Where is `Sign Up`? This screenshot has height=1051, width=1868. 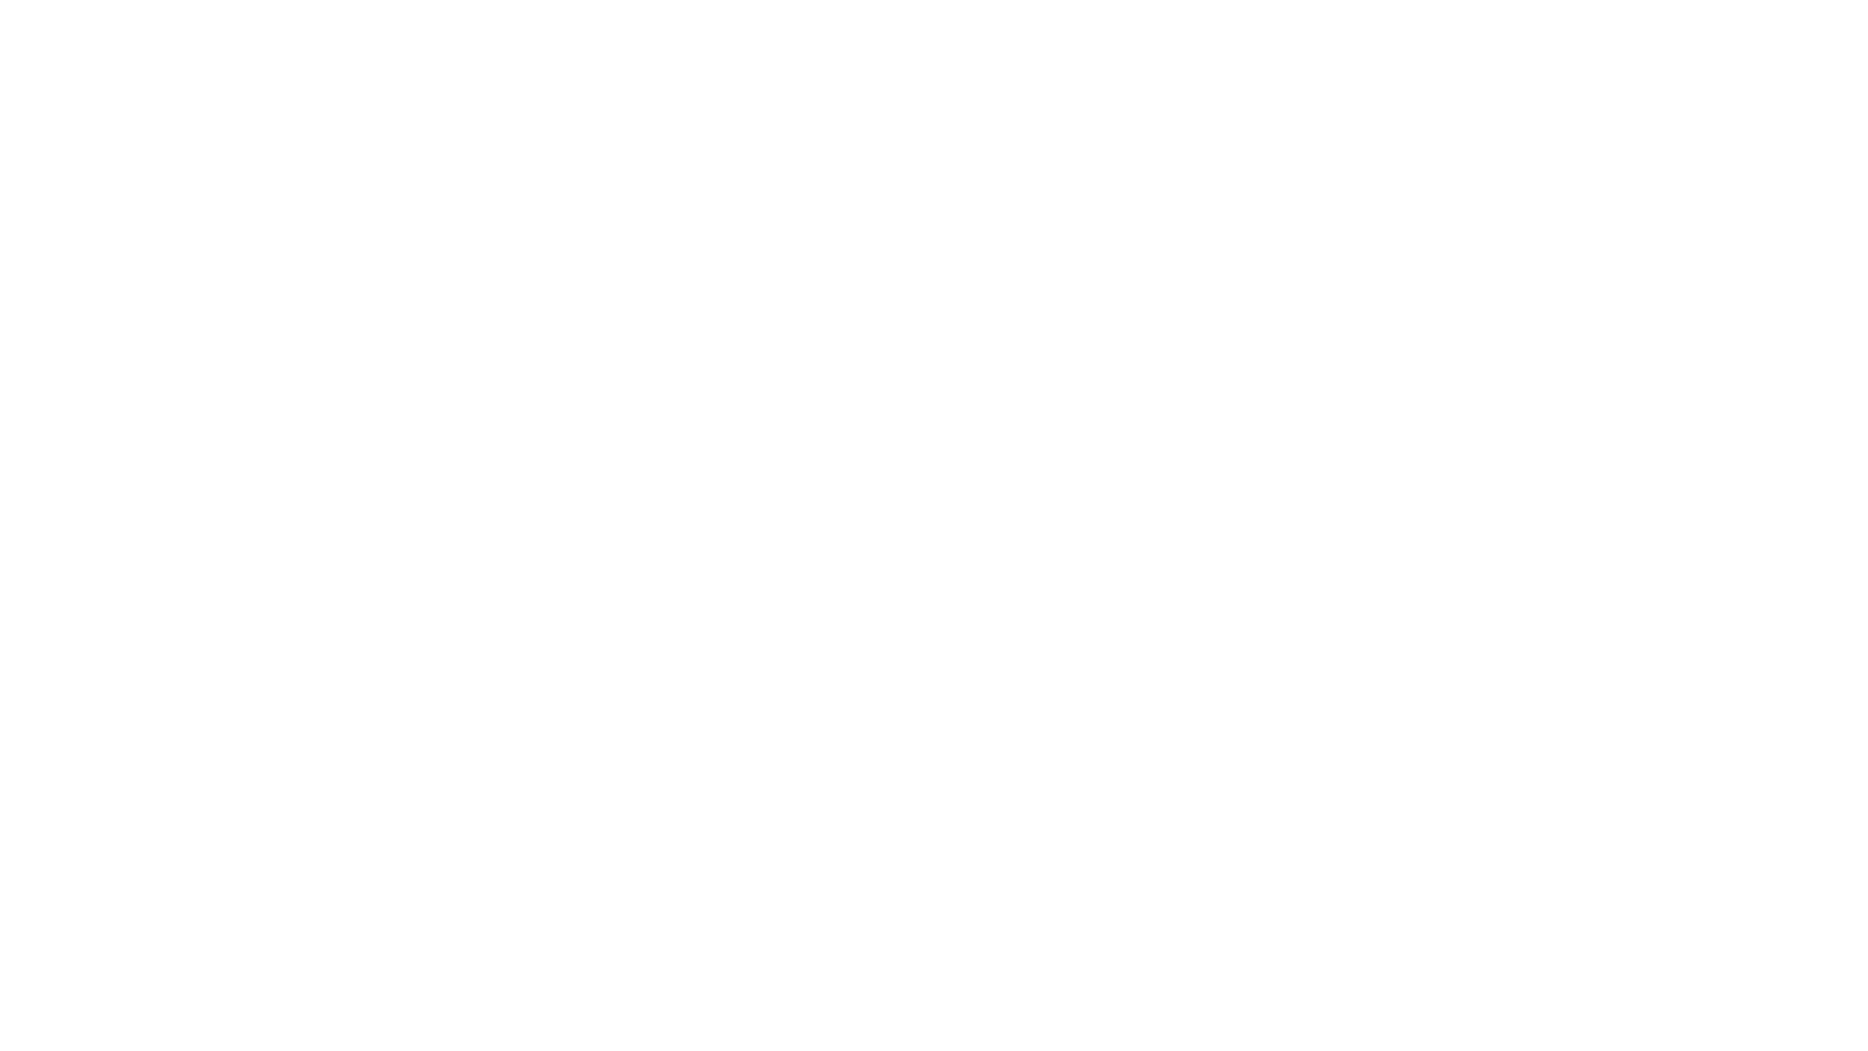 Sign Up is located at coordinates (1358, 29).